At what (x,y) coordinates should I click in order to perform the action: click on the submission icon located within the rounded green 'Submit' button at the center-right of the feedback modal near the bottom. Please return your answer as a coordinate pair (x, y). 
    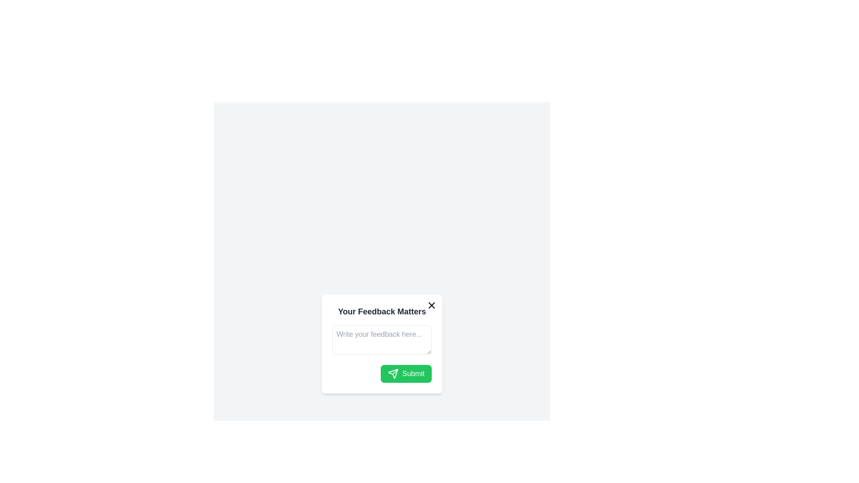
    Looking at the image, I should click on (393, 373).